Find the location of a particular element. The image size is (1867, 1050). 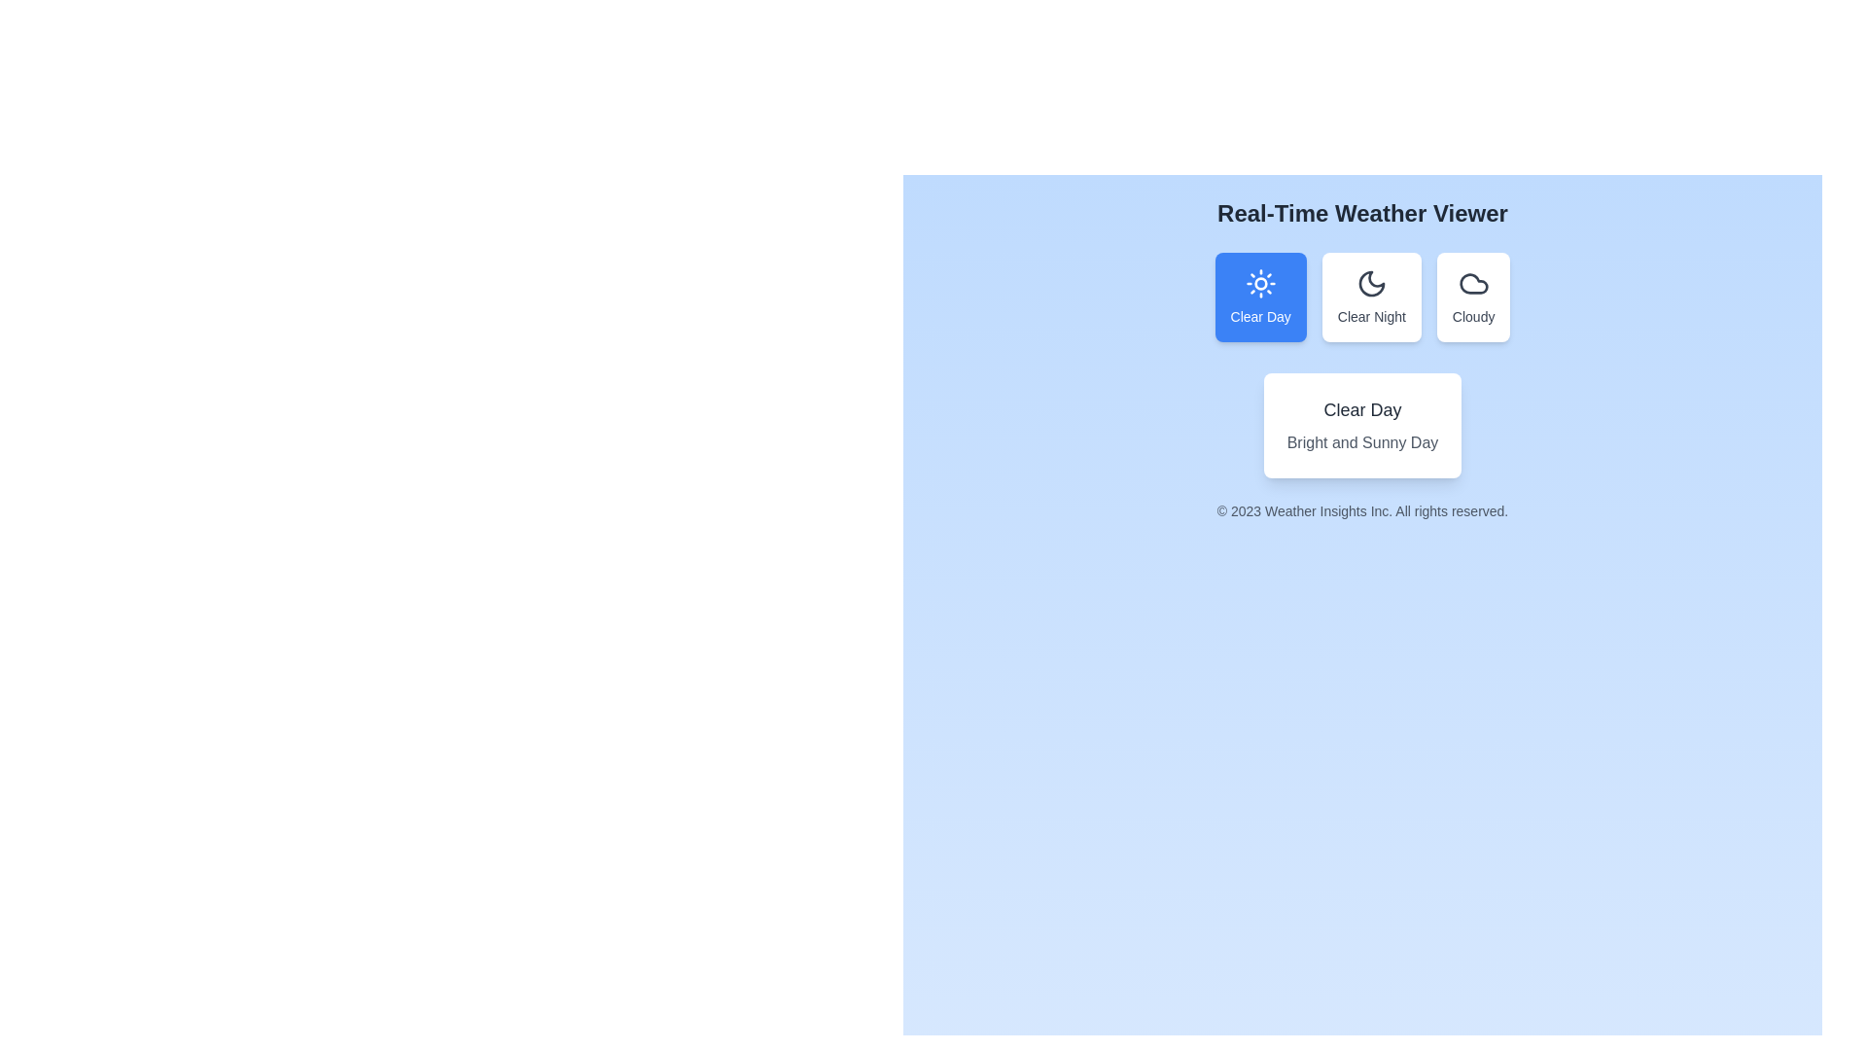

the Informational Card displaying 'Clear Day' with the text 'Bright and Sunny Day' below it, which is centered in the interface is located at coordinates (1361, 425).